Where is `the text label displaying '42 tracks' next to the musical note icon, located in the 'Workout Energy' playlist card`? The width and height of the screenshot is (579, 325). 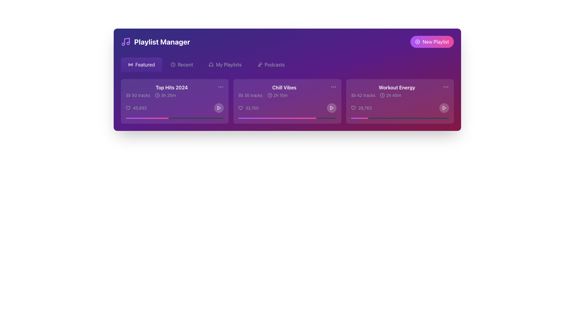
the text label displaying '42 tracks' next to the musical note icon, located in the 'Workout Energy' playlist card is located at coordinates (363, 95).